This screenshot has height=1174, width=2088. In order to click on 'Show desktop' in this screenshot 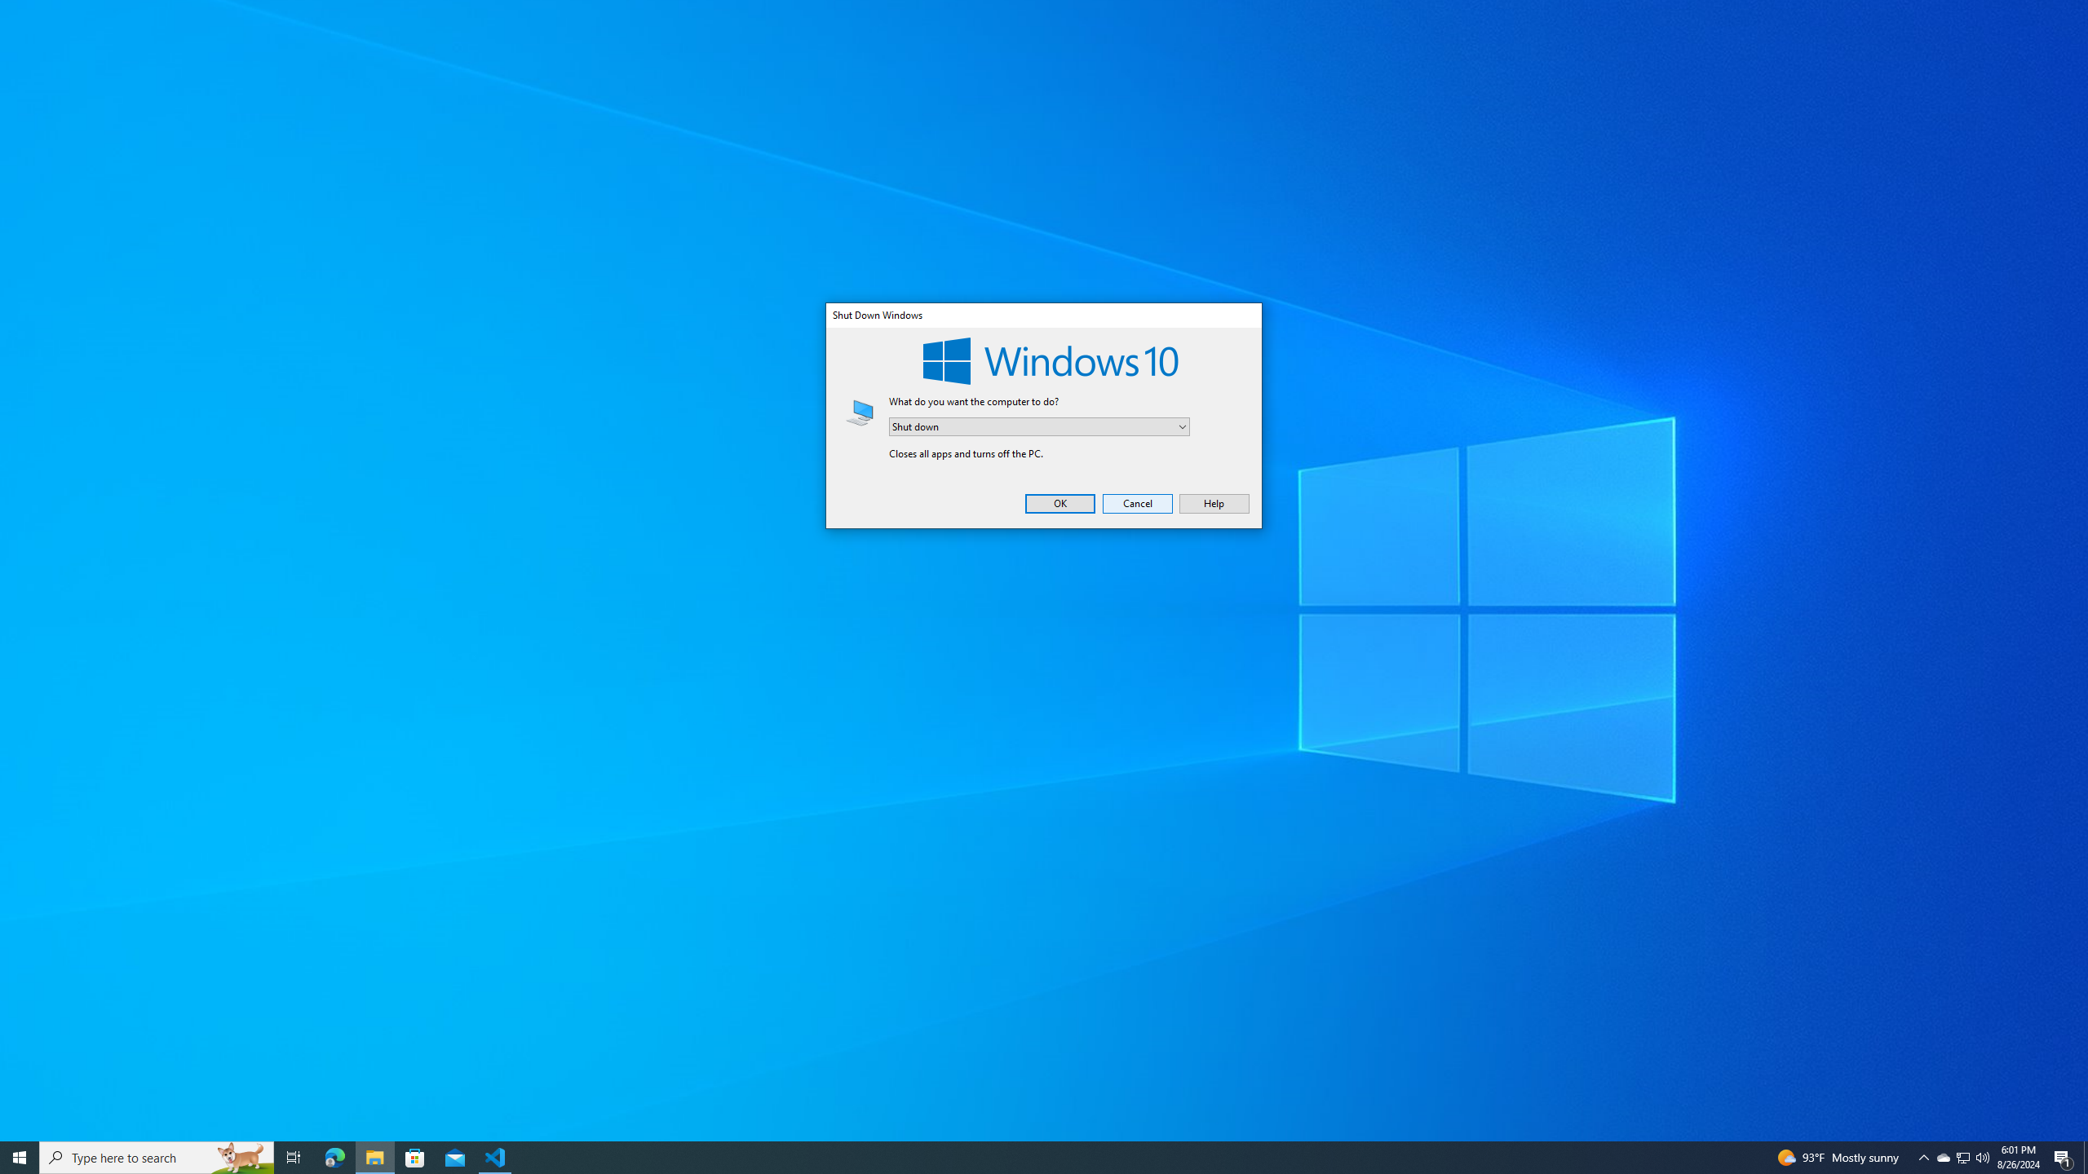, I will do `click(2085, 1156)`.